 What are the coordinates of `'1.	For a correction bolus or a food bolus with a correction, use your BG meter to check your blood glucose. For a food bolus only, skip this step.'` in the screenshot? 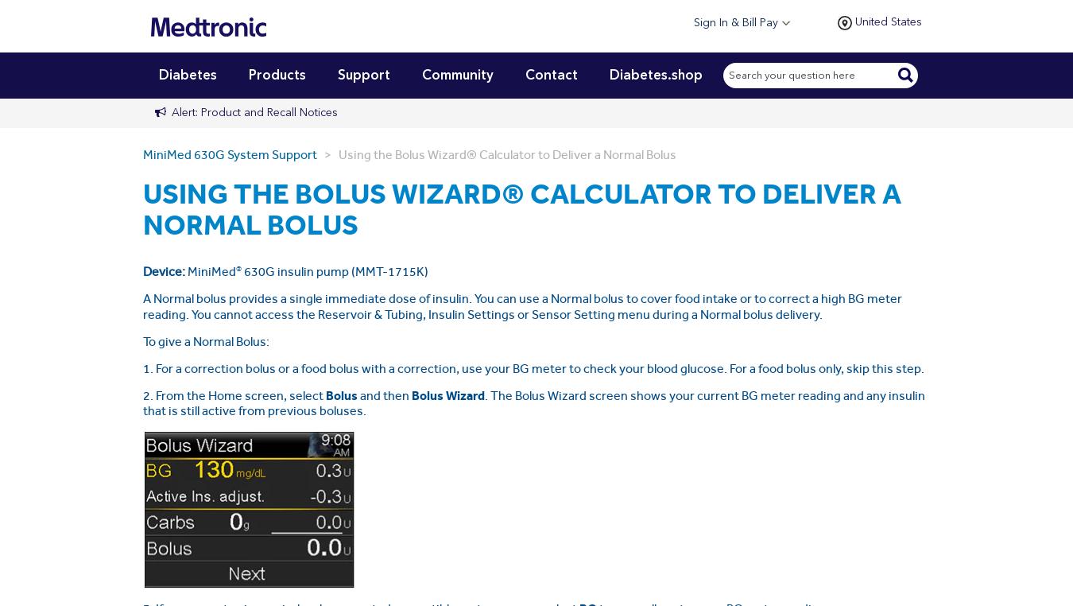 It's located at (142, 367).